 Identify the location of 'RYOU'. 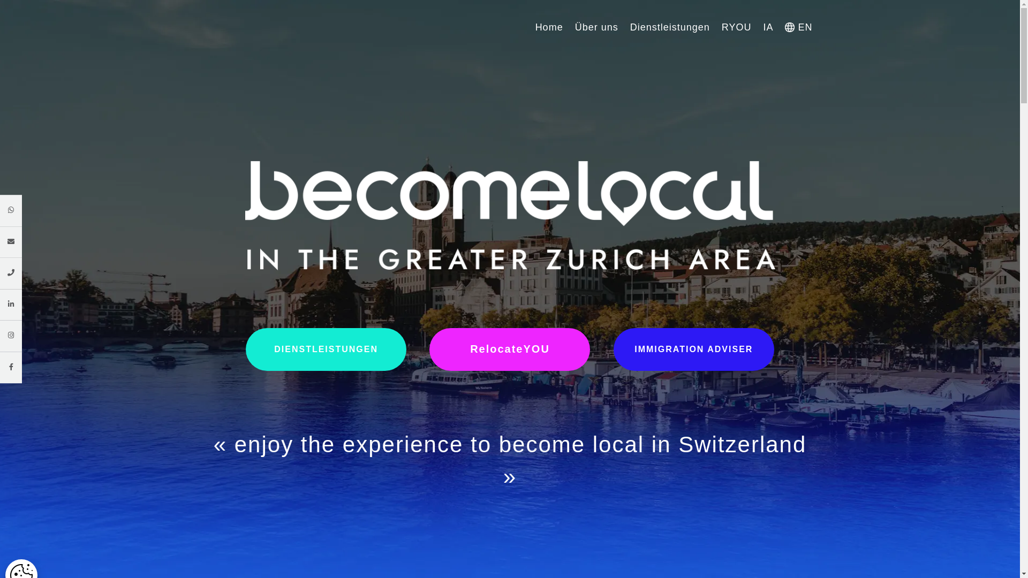
(722, 26).